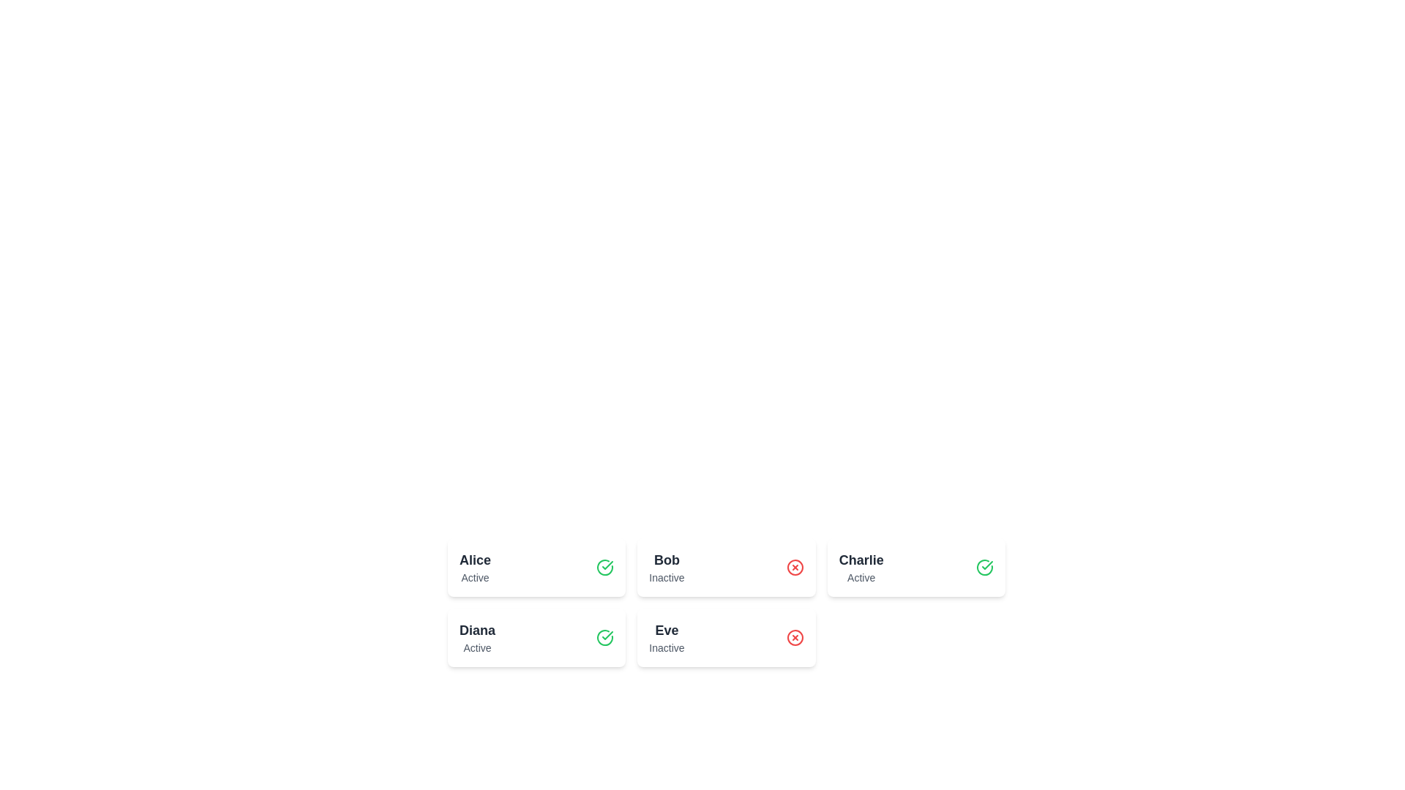  Describe the element at coordinates (794, 636) in the screenshot. I see `the error icon located in the bottom-right corner of the card displaying the name 'Eve' and the status 'Inactive'` at that location.